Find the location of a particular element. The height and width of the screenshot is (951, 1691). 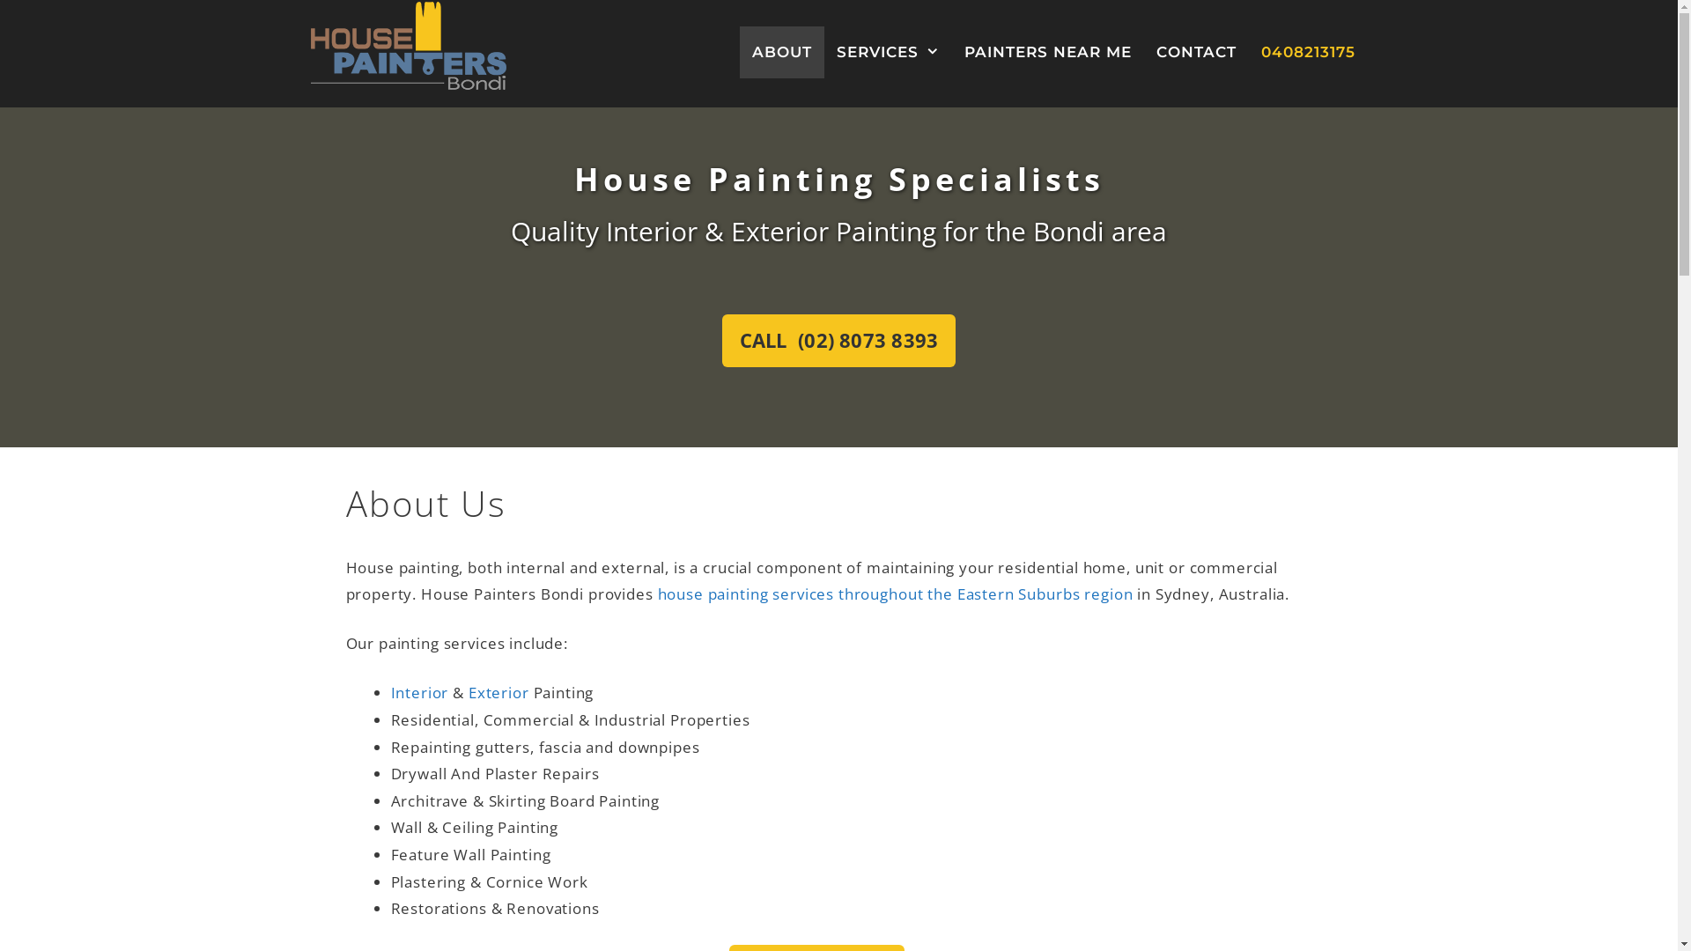

'0408213175' is located at coordinates (1308, 51).